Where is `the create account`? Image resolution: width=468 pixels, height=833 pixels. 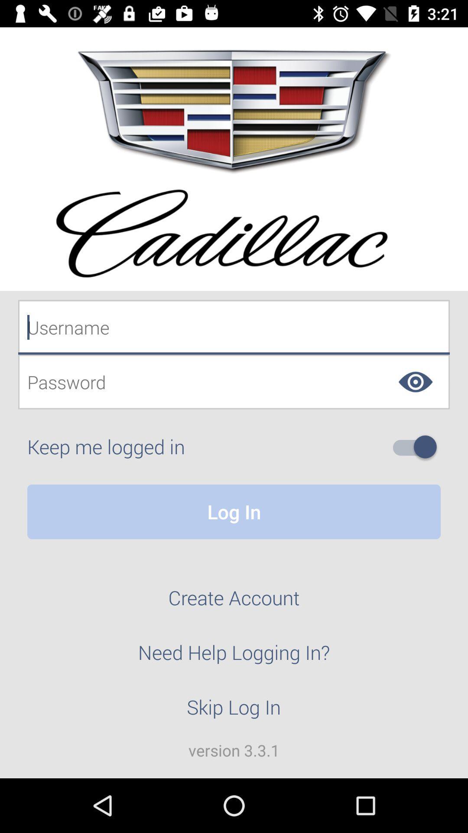
the create account is located at coordinates (234, 602).